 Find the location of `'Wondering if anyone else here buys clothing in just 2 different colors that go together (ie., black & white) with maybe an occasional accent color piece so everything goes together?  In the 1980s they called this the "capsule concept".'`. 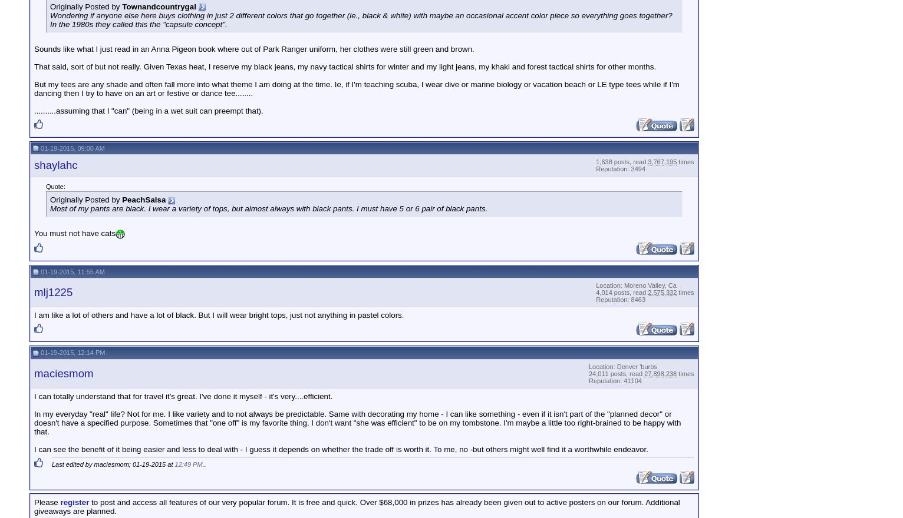

'Wondering if anyone else here buys clothing in just 2 different colors that go together (ie., black & white) with maybe an occasional accent color piece so everything goes together?  In the 1980s they called this the "capsule concept".' is located at coordinates (361, 19).